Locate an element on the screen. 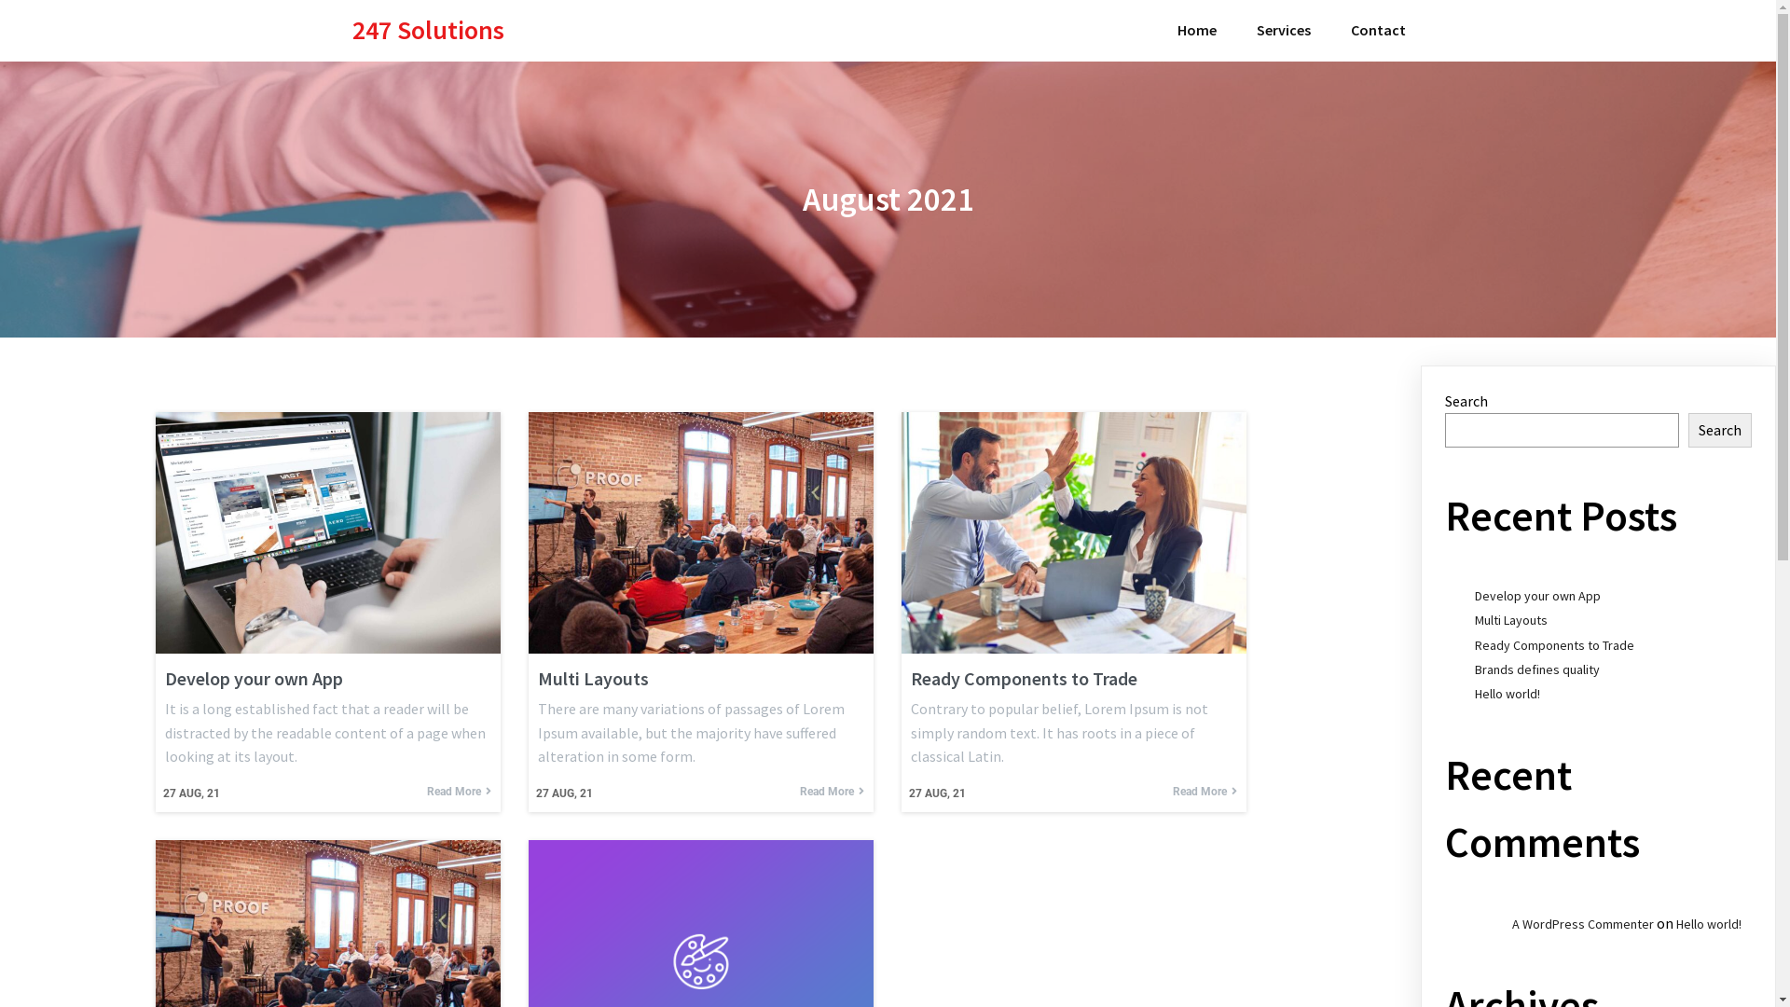 The height and width of the screenshot is (1007, 1790). 'Home' is located at coordinates (1195, 31).